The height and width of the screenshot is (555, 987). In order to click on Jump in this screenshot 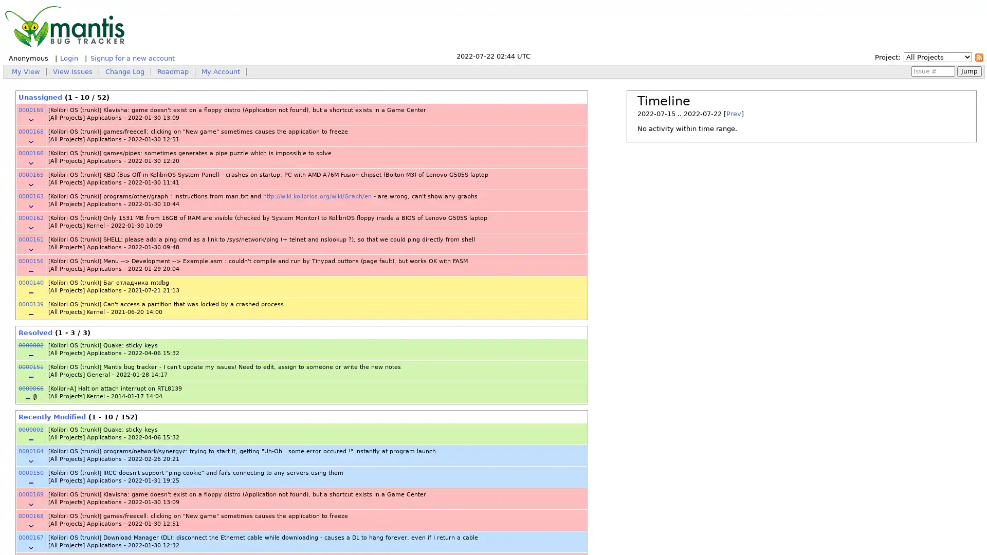, I will do `click(969, 70)`.